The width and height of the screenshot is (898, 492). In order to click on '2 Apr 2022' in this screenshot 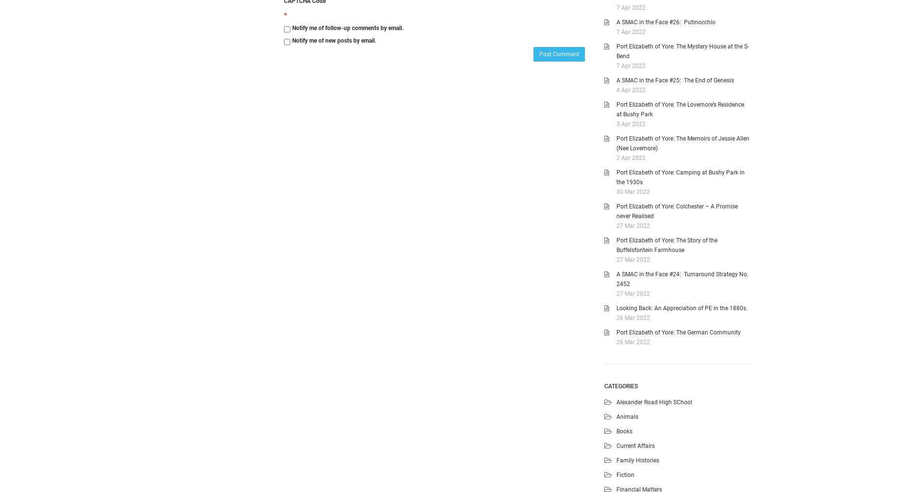, I will do `click(630, 158)`.